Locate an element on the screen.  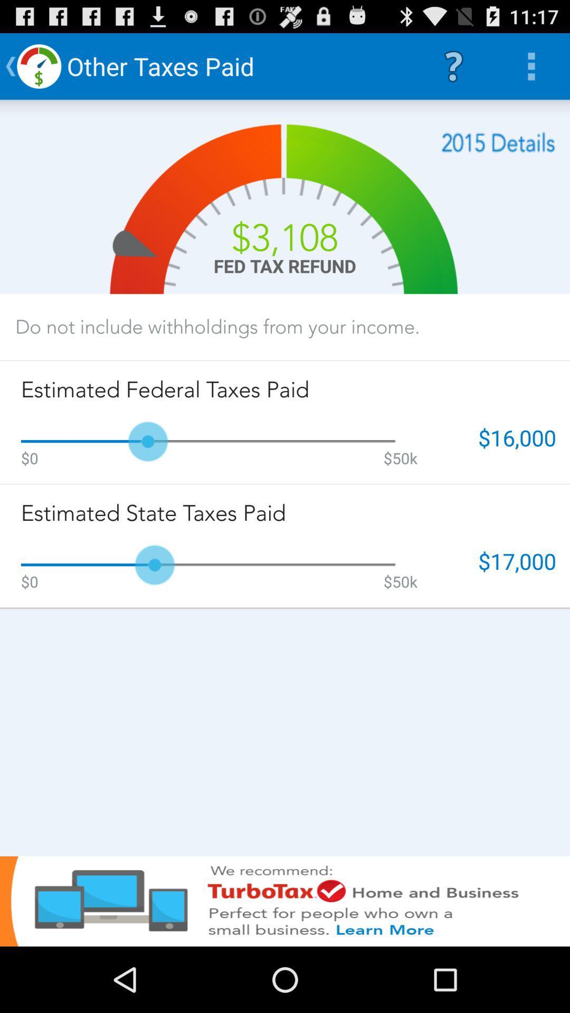
the do not include item is located at coordinates (217, 326).